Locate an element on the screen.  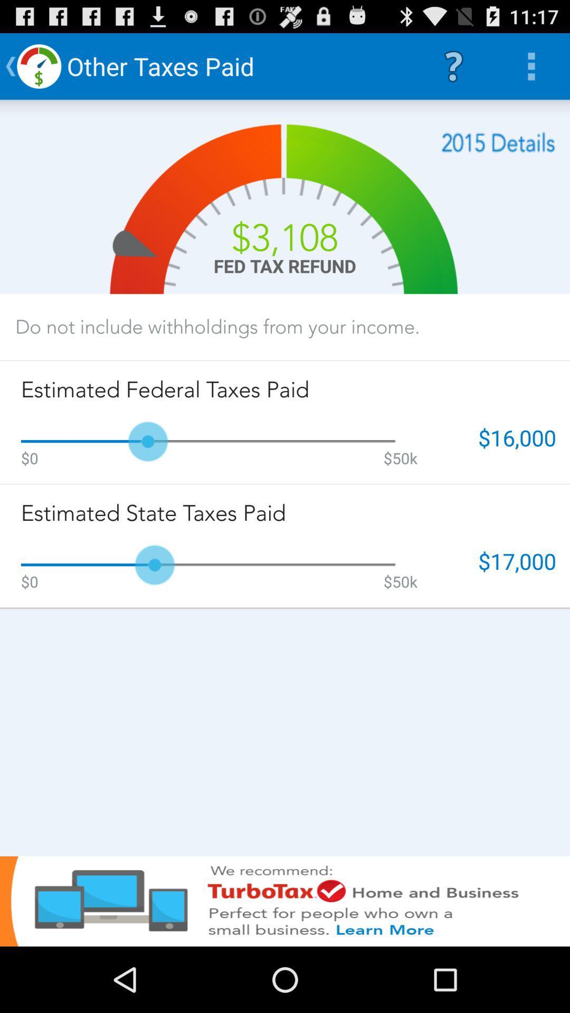
the do not include item is located at coordinates (217, 326).